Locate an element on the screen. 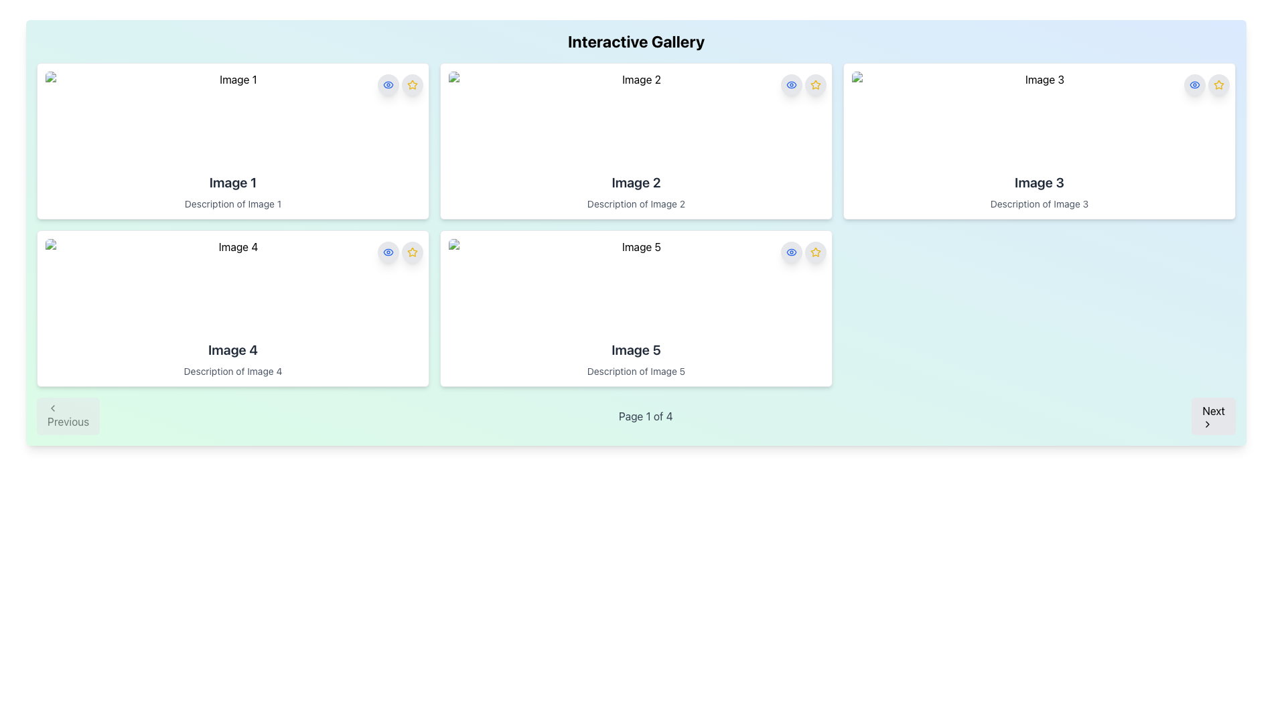  text from the title or heading Text Label located in the central card of the top row in the gallery layout, positioned below the image is located at coordinates (636, 183).